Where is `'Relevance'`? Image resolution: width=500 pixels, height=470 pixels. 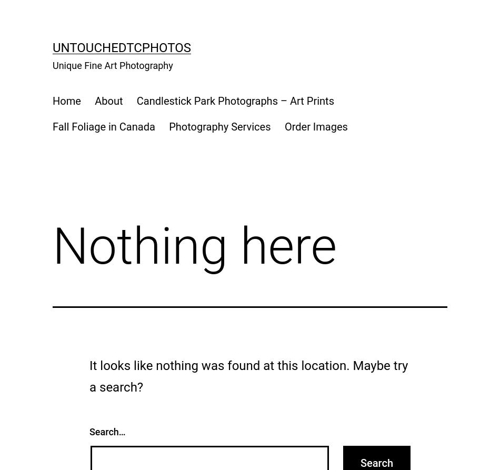
'Relevance' is located at coordinates (63, 75).